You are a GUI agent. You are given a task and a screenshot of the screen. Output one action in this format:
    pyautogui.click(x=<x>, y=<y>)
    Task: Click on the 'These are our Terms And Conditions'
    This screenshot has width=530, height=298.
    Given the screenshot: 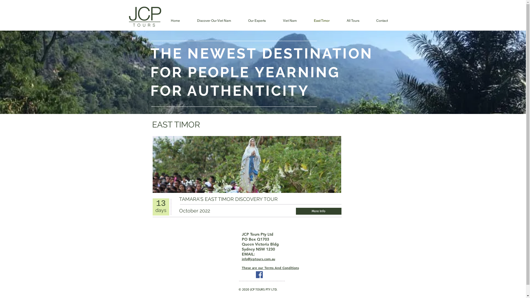 What is the action you would take?
    pyautogui.click(x=270, y=267)
    